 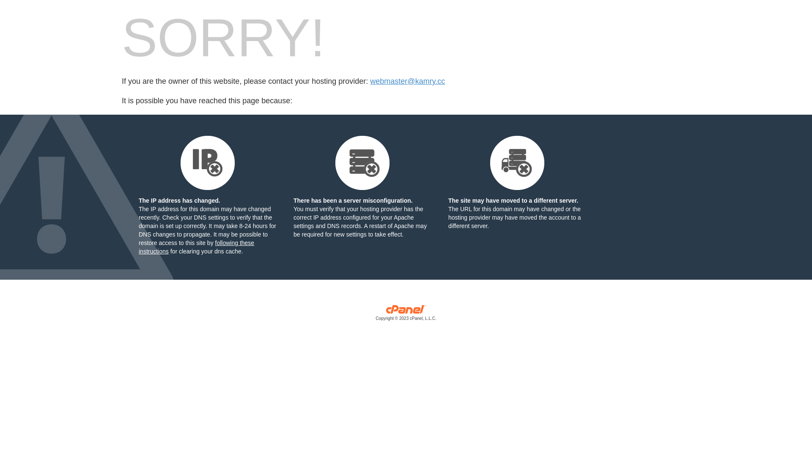 What do you see at coordinates (407, 81) in the screenshot?
I see `'webmaster@kamry.cc'` at bounding box center [407, 81].